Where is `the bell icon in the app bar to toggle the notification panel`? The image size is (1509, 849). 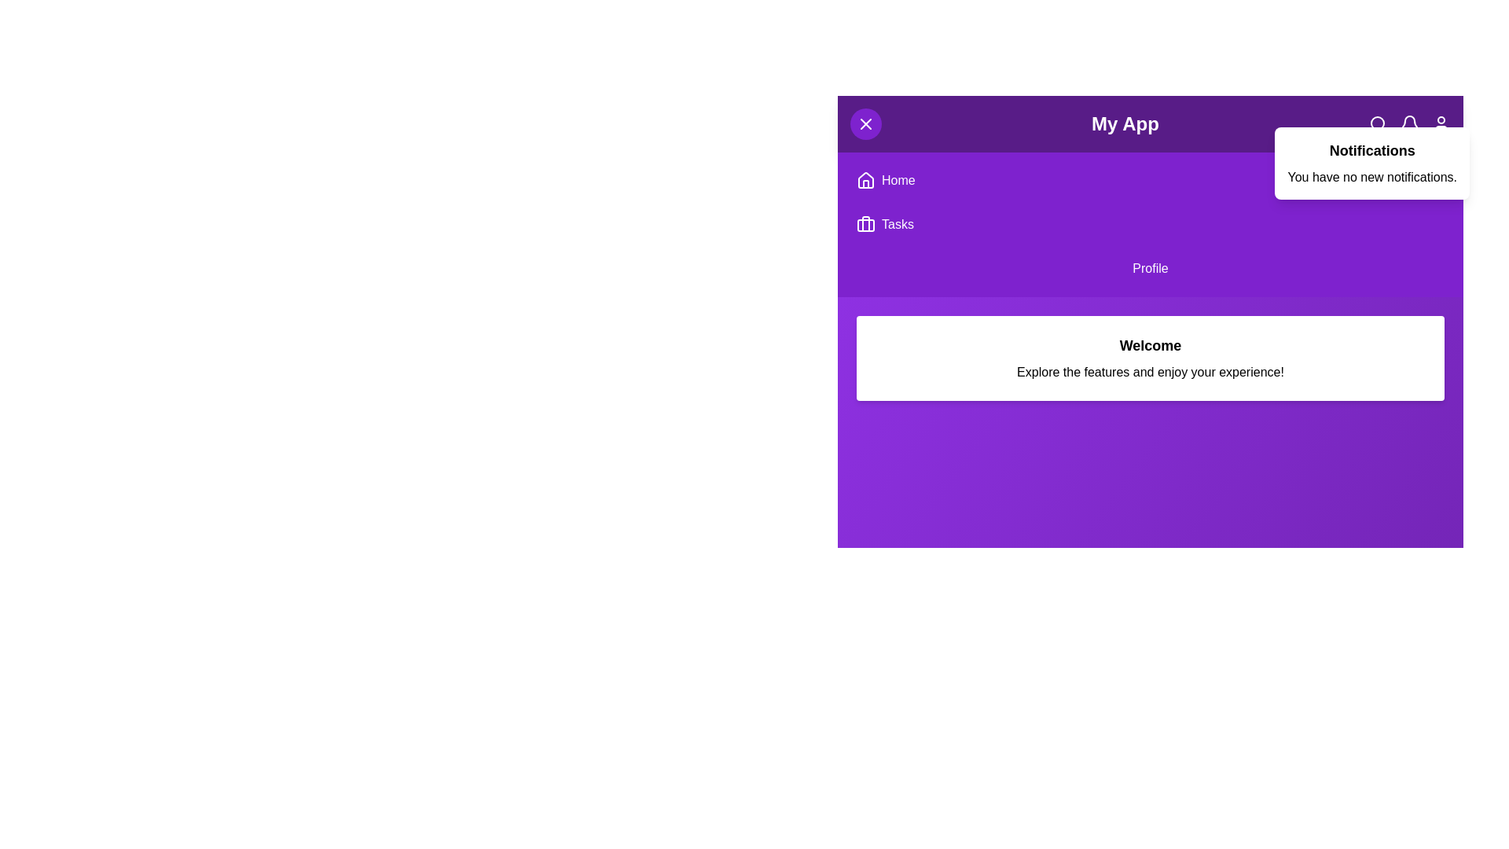
the bell icon in the app bar to toggle the notification panel is located at coordinates (1410, 123).